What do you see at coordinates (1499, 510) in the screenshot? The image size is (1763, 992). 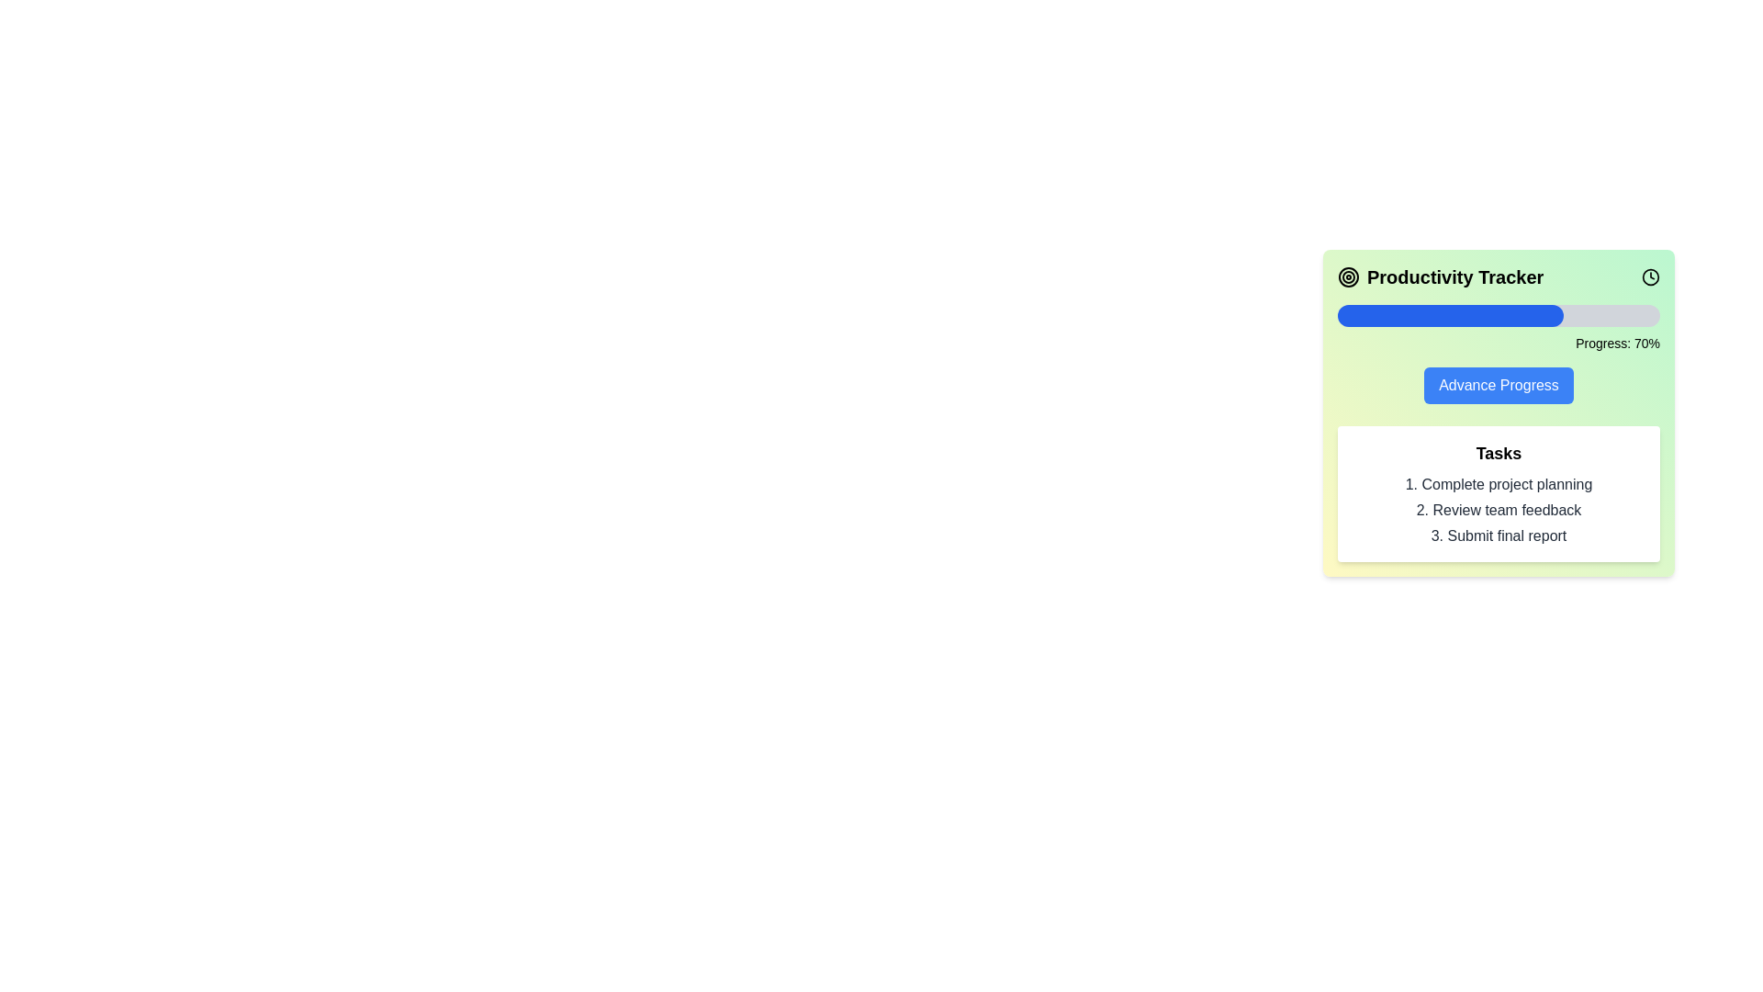 I see `on the numbered list displayed within the 'Tasks' card, which contains items like 'Complete project planning', 'Review team feedback', and 'Submit final report'` at bounding box center [1499, 510].